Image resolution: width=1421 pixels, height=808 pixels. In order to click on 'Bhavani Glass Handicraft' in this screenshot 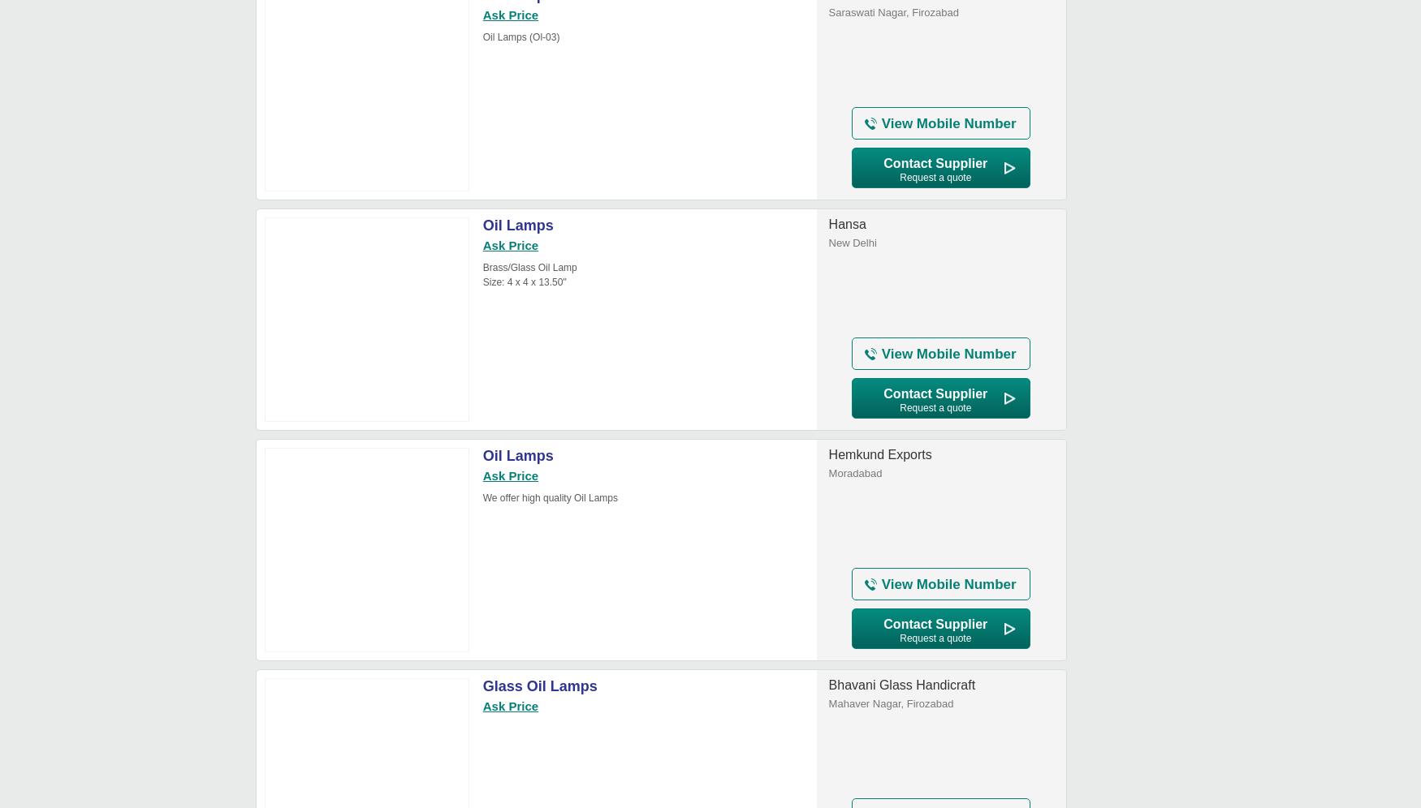, I will do `click(901, 685)`.